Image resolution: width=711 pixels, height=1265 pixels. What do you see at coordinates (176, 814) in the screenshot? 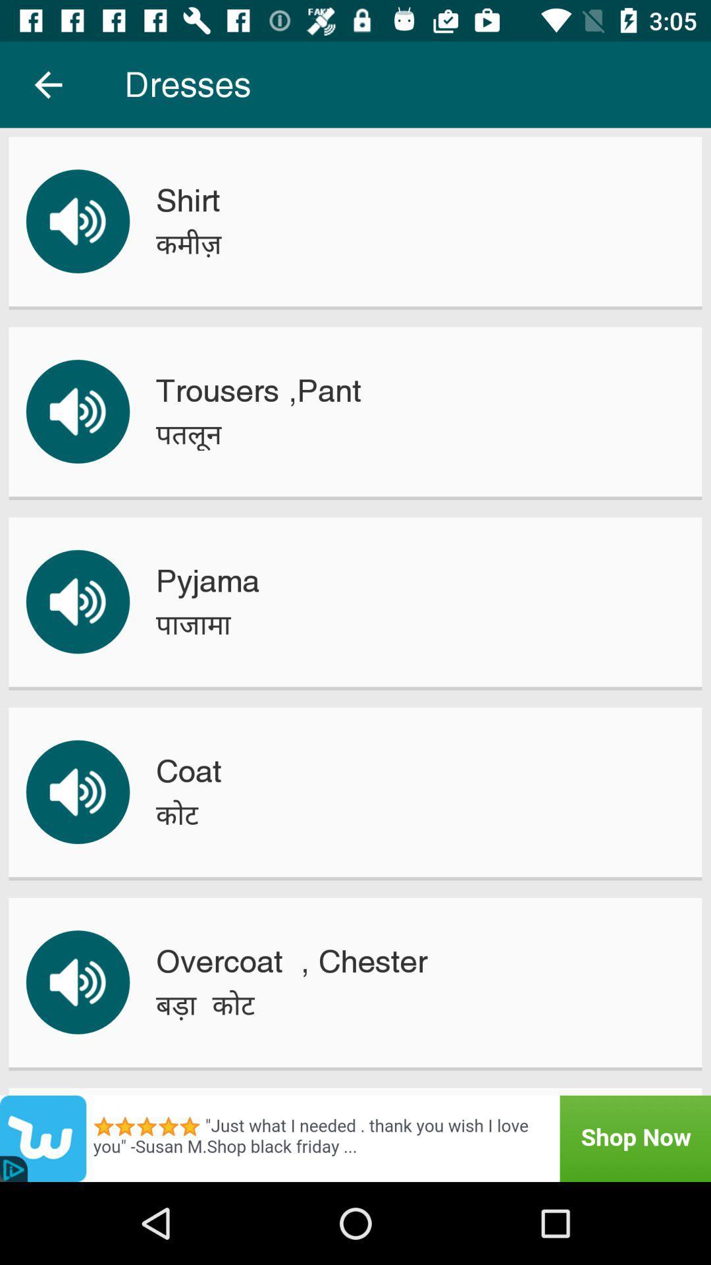
I see `the icon above overcoat  , chester` at bounding box center [176, 814].